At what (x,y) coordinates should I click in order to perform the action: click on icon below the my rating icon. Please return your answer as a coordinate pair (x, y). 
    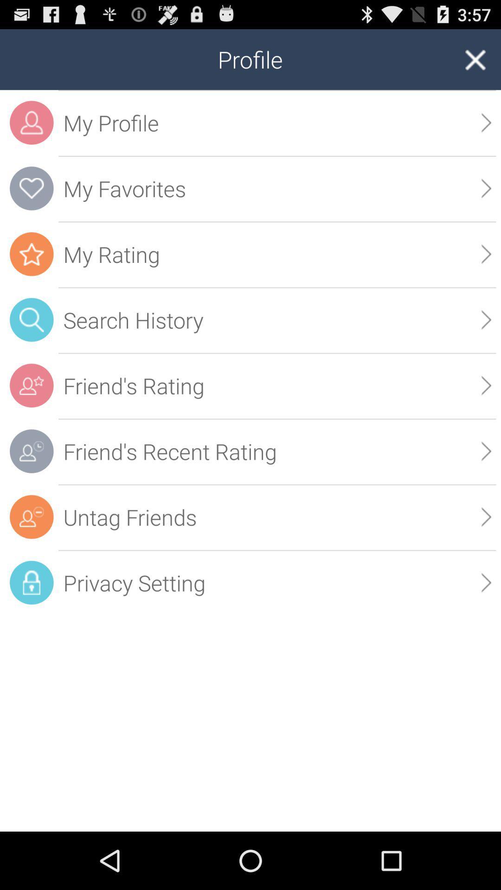
    Looking at the image, I should click on (276, 320).